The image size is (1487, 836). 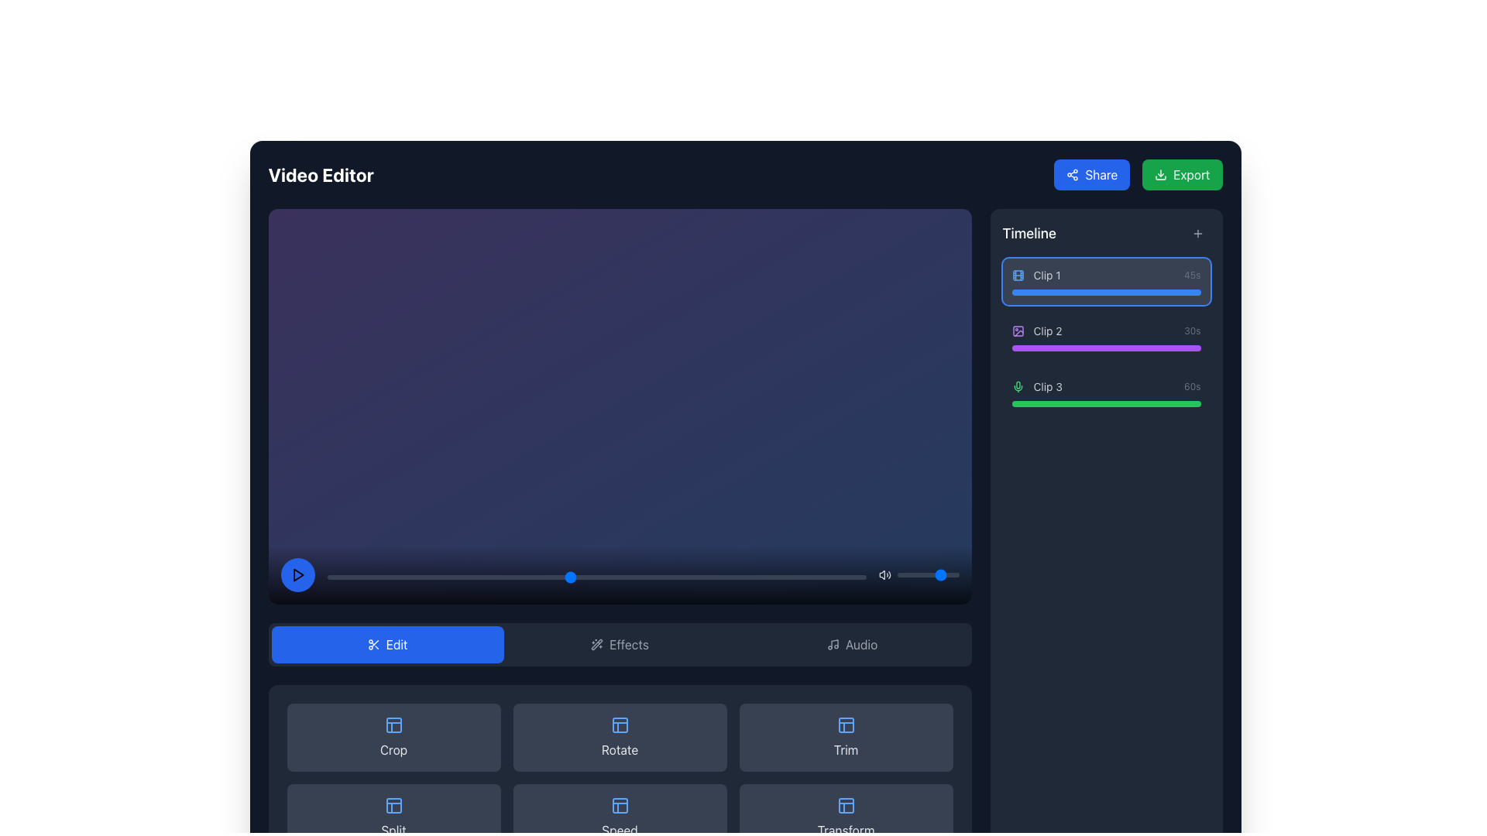 What do you see at coordinates (1105, 386) in the screenshot?
I see `the 'Clip 3' label with the green microphone icon from the timeline section` at bounding box center [1105, 386].